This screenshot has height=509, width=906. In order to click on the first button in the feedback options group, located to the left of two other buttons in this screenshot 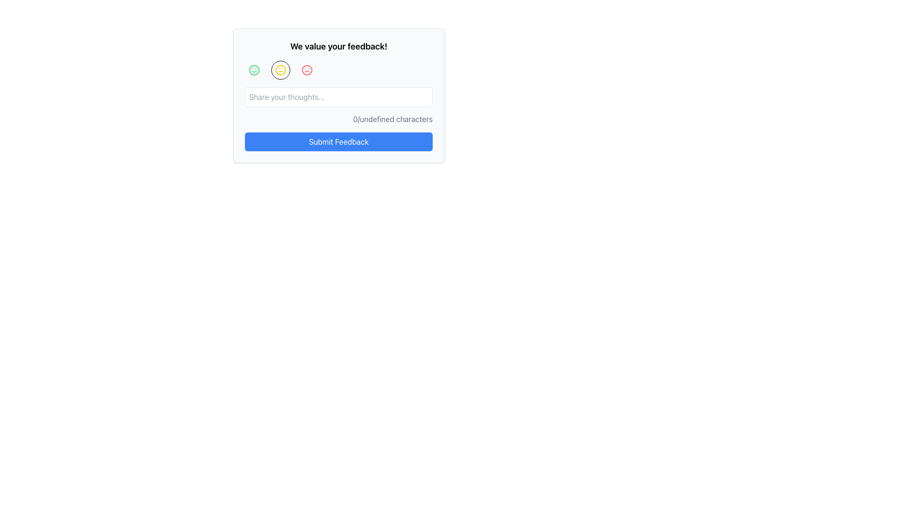, I will do `click(254, 70)`.